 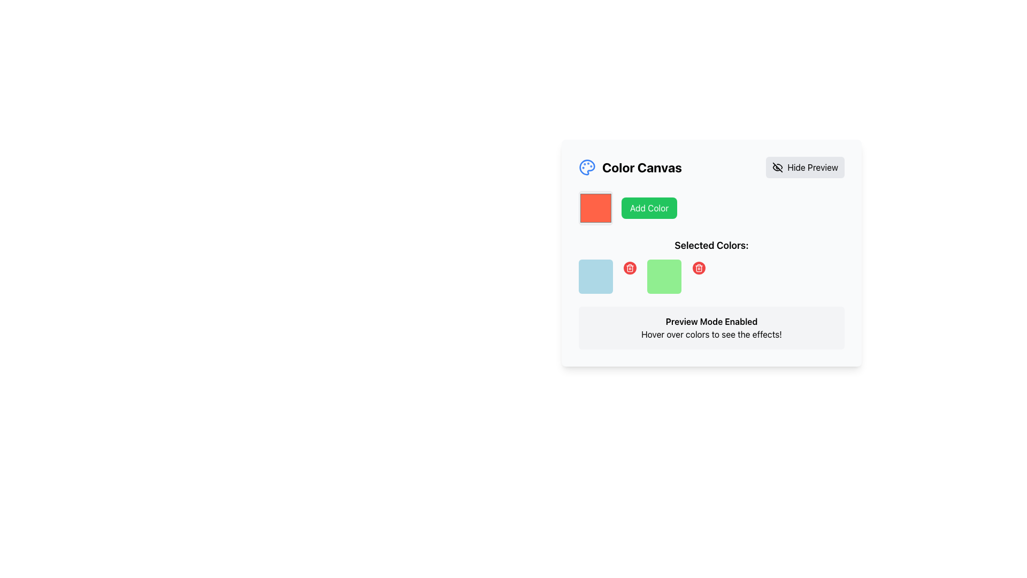 What do you see at coordinates (587, 167) in the screenshot?
I see `the blue circular palette icon with paint spots located near the top-left of the 'Color Canvas' panel` at bounding box center [587, 167].